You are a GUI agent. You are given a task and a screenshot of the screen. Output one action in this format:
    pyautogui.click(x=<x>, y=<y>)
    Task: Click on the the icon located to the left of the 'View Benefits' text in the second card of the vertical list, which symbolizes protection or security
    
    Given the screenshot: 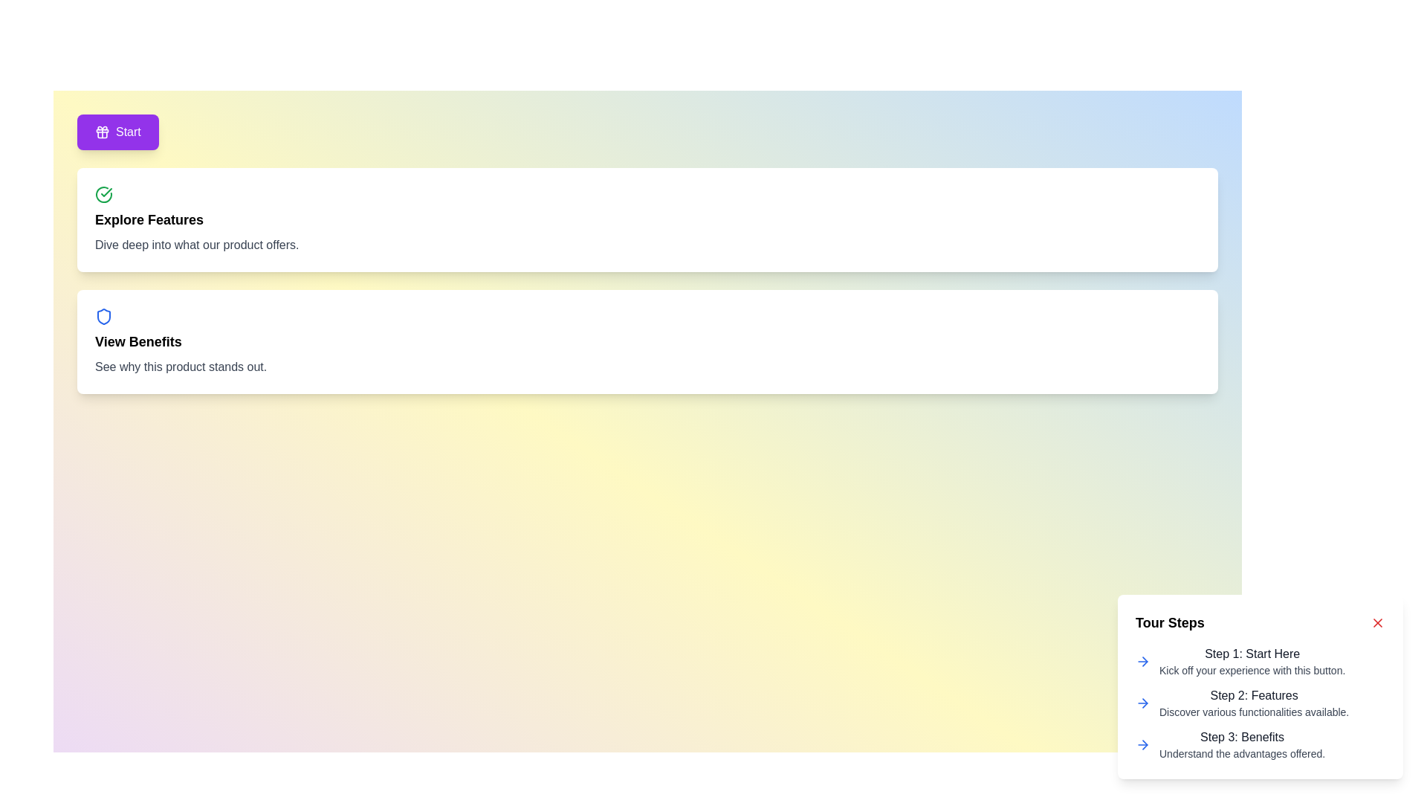 What is the action you would take?
    pyautogui.click(x=103, y=315)
    